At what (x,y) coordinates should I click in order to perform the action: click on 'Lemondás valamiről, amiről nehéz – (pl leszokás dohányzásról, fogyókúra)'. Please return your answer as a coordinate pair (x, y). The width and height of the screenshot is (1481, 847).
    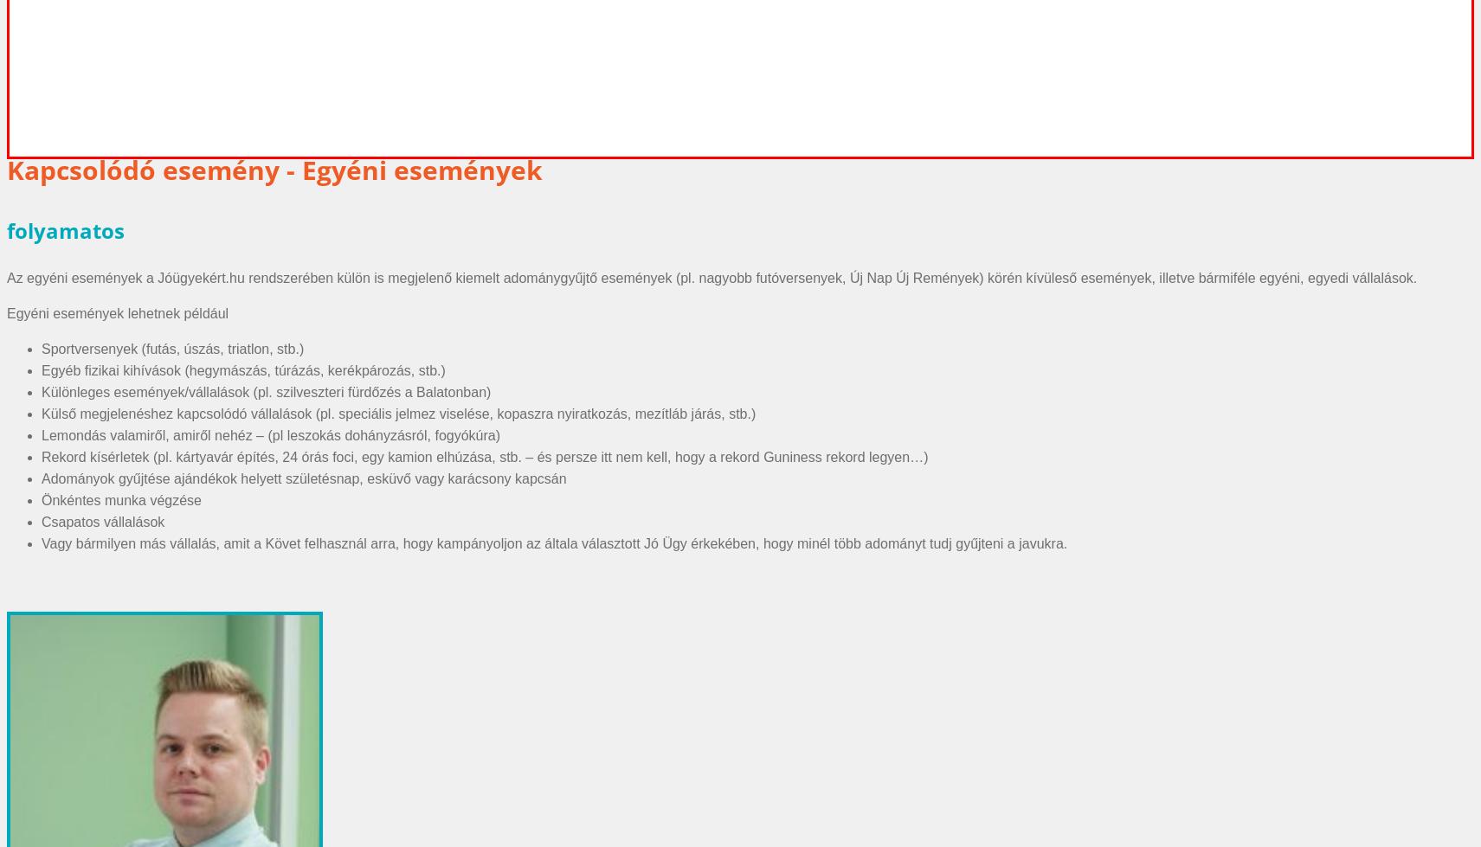
    Looking at the image, I should click on (270, 433).